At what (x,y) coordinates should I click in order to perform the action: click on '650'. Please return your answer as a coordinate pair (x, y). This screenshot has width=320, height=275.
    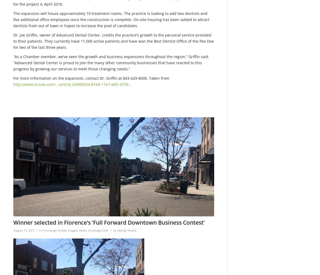
    Looking at the image, I should click on (186, 120).